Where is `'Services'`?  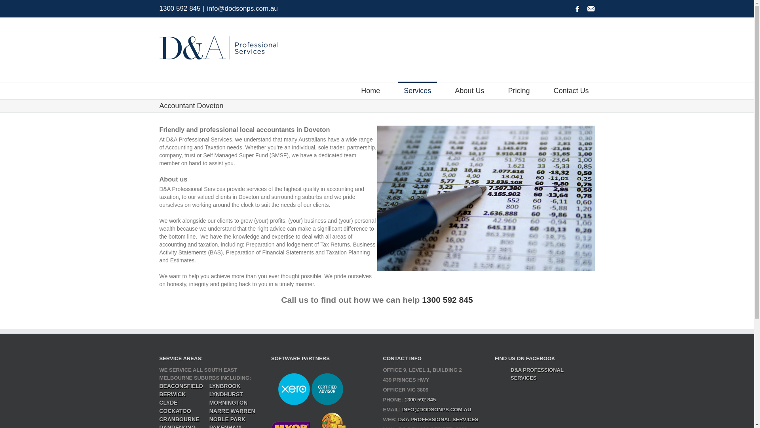
'Services' is located at coordinates (417, 90).